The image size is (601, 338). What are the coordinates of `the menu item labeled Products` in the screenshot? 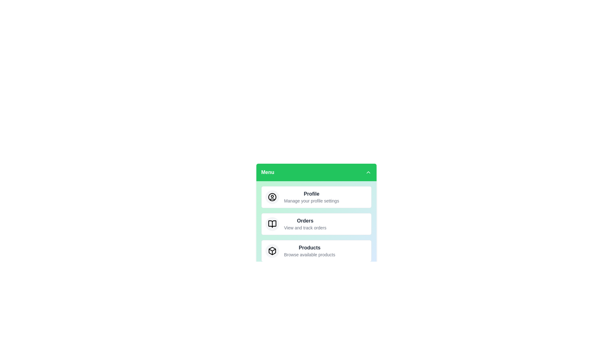 It's located at (316, 251).